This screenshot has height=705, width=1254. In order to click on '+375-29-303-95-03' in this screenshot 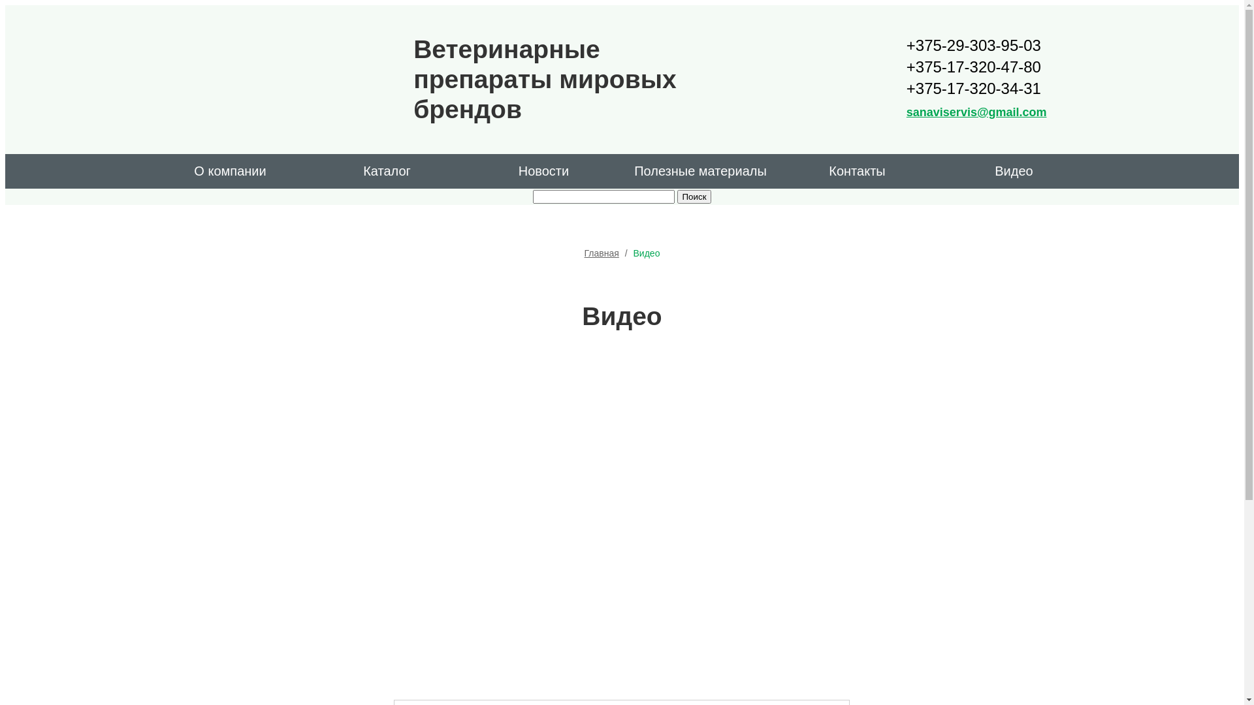, I will do `click(976, 44)`.